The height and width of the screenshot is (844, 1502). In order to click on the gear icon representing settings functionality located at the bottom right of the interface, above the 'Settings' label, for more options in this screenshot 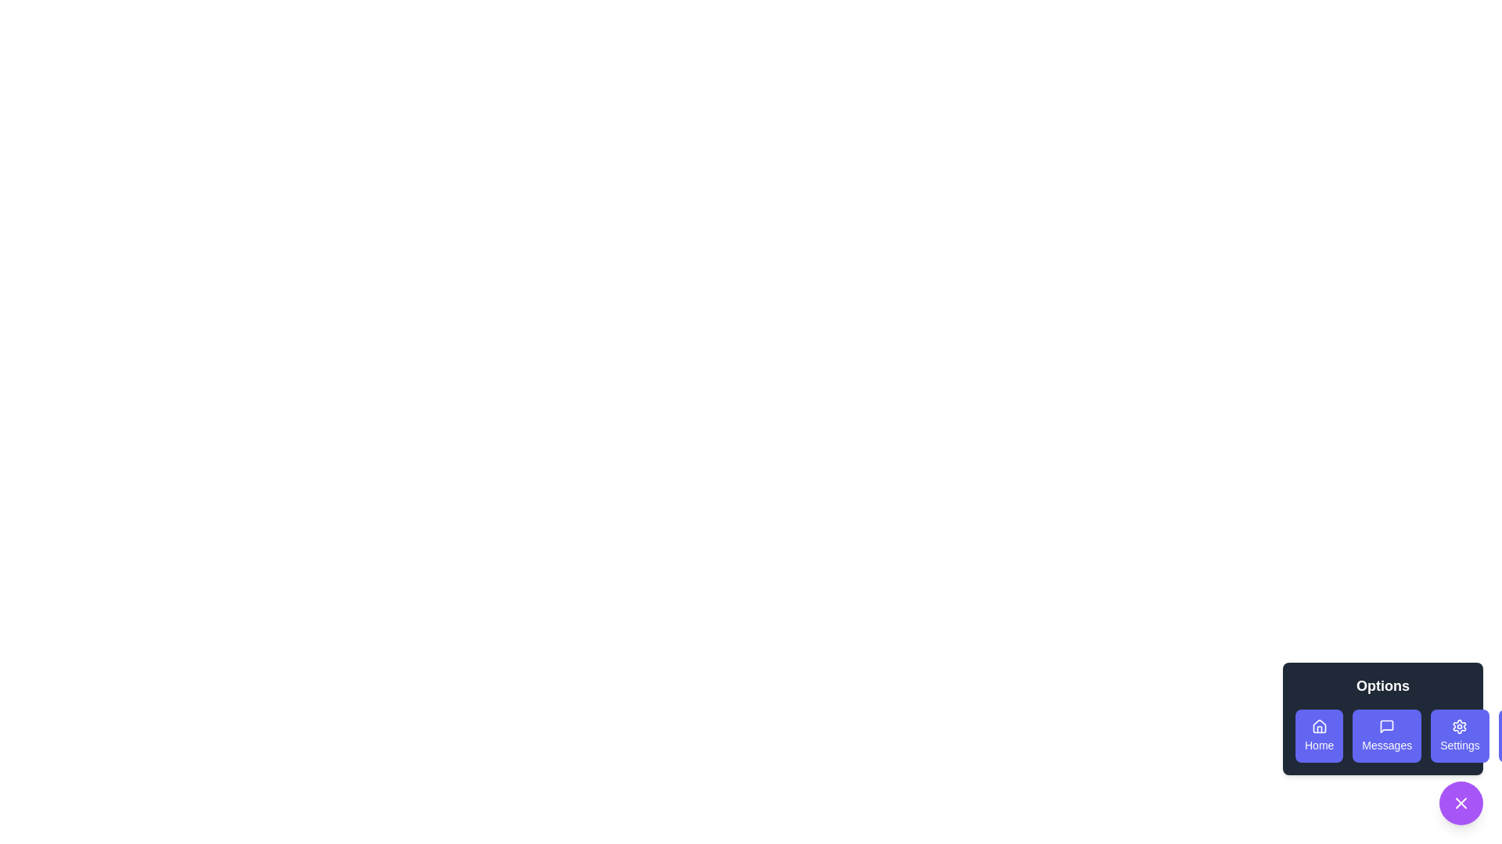, I will do `click(1459, 726)`.